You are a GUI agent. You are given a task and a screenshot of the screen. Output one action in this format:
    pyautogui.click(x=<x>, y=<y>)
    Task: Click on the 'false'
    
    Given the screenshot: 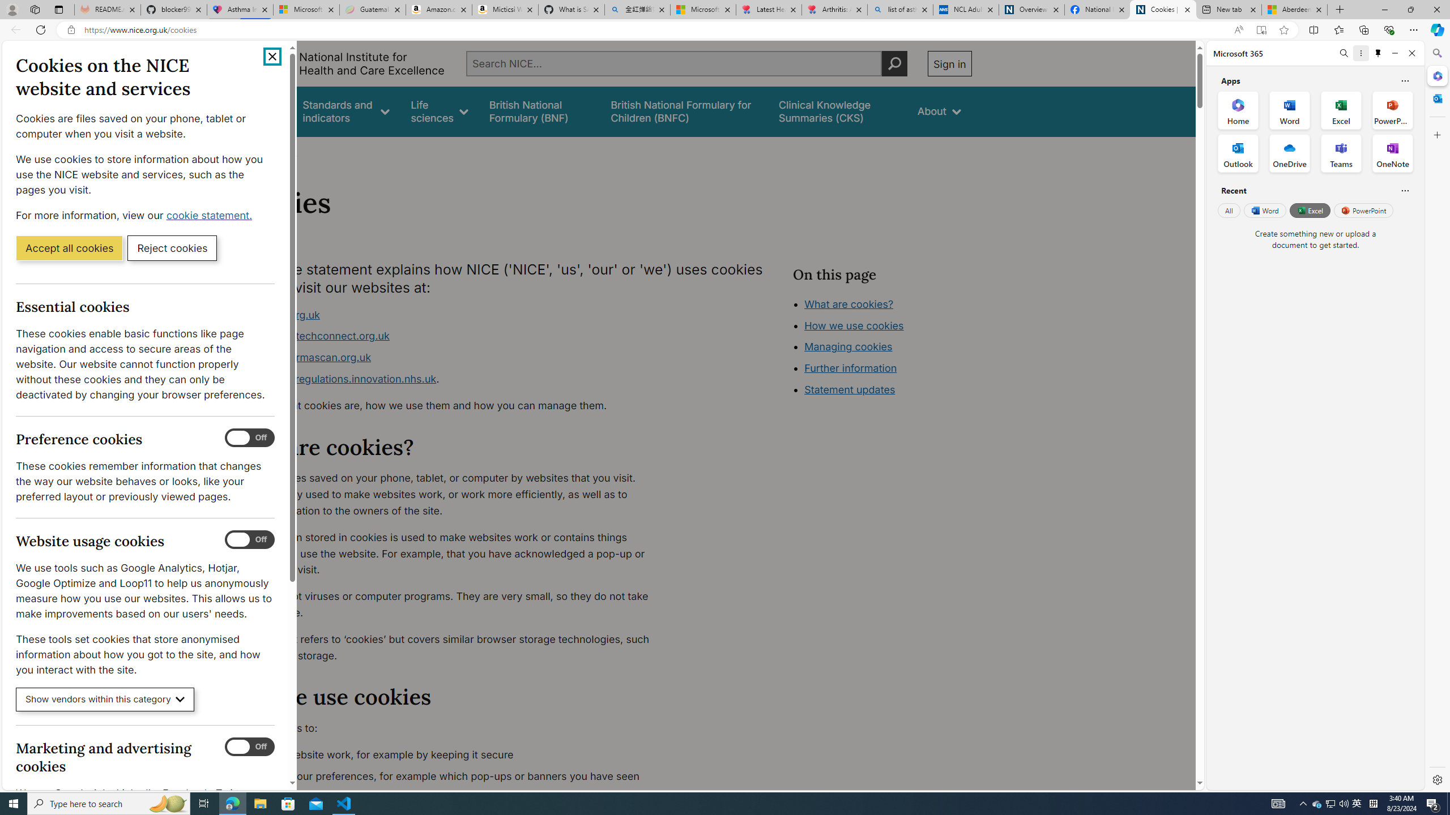 What is the action you would take?
    pyautogui.click(x=838, y=111)
    